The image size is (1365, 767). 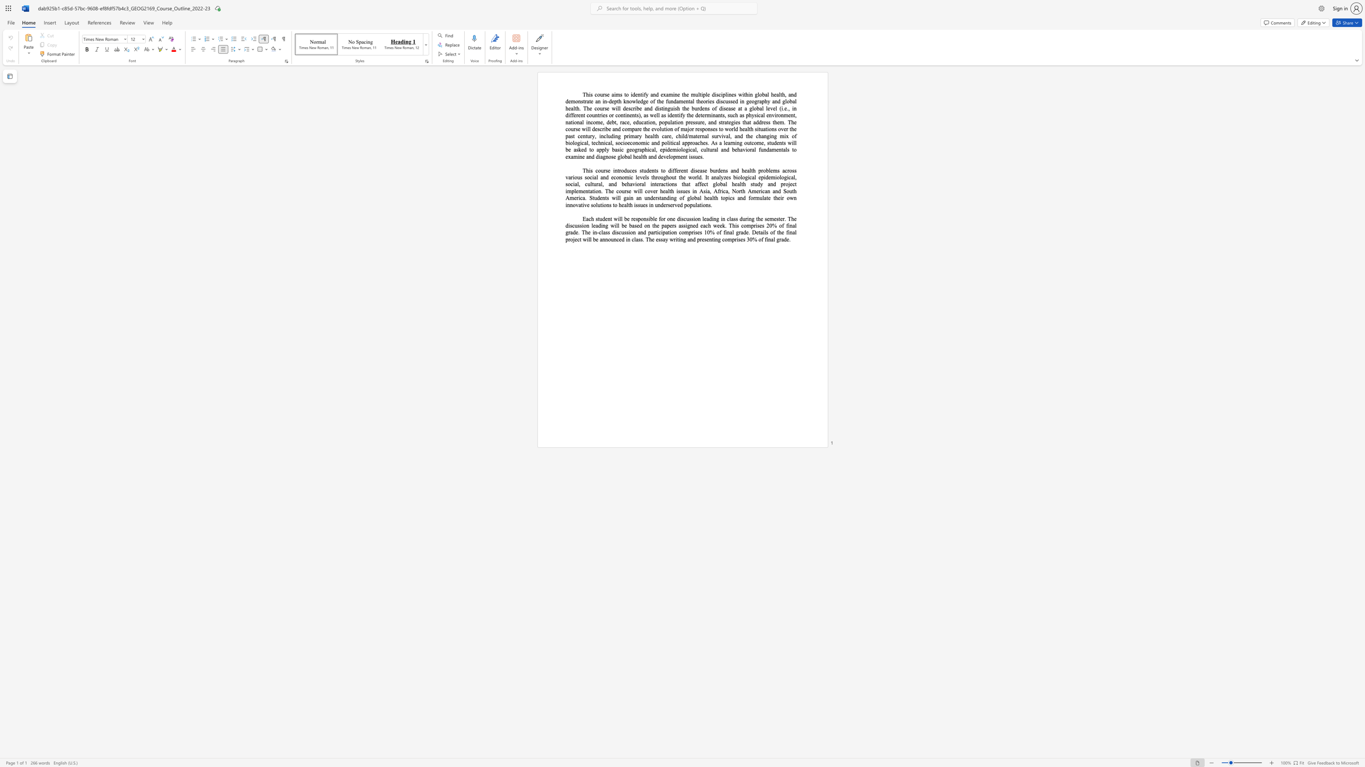 I want to click on the 2th character "d" in the text, so click(x=656, y=94).